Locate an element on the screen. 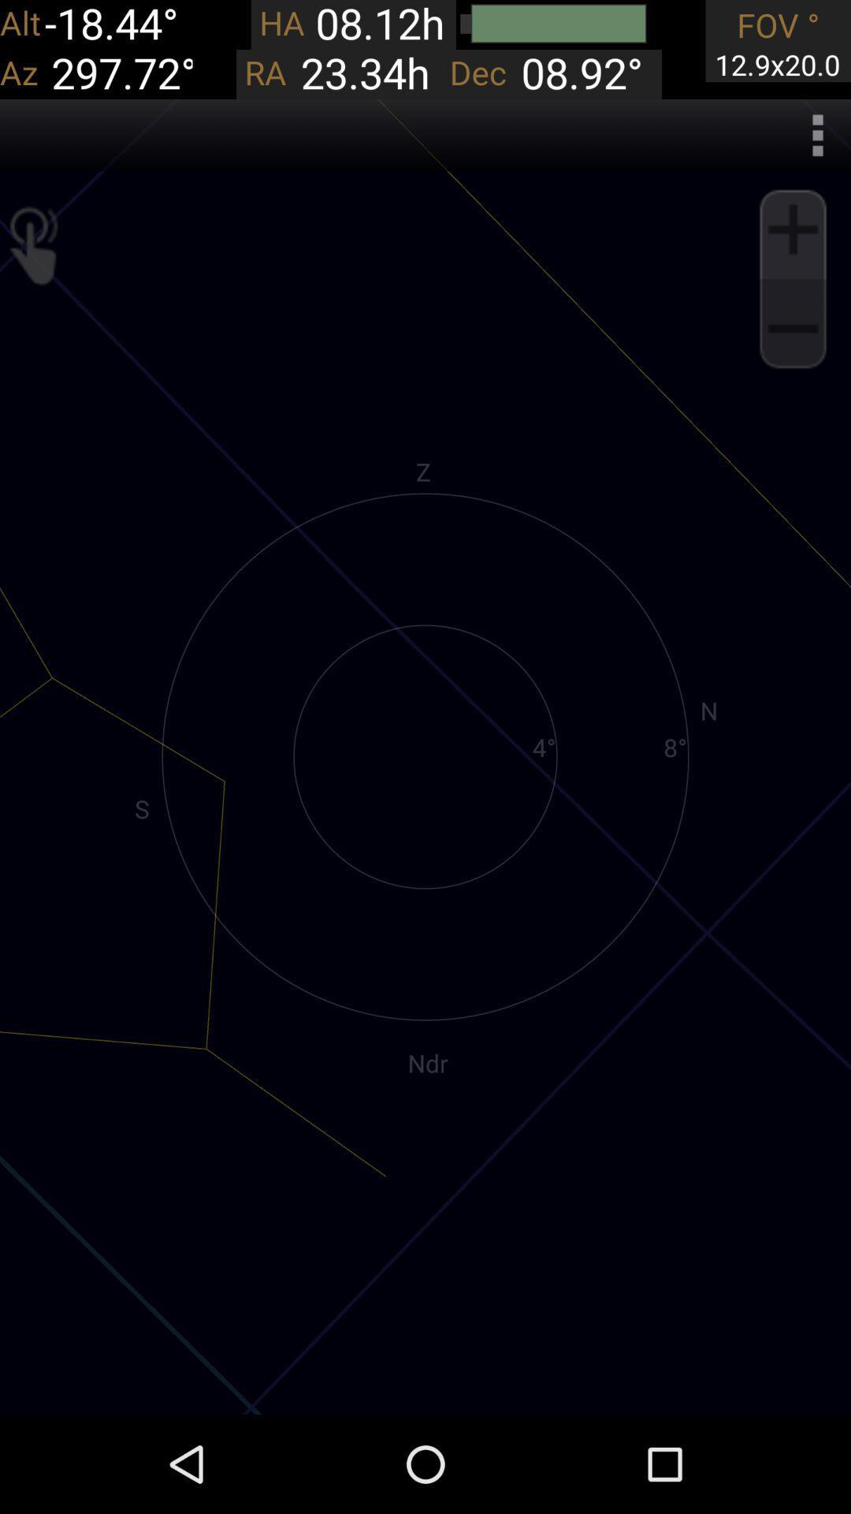 The height and width of the screenshot is (1514, 851). more options is located at coordinates (816, 135).